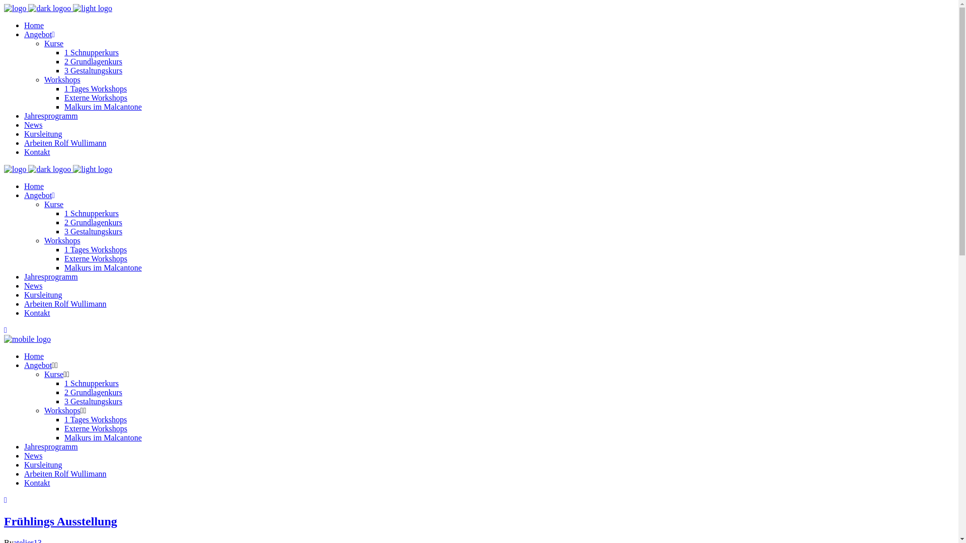 This screenshot has width=966, height=543. Describe the element at coordinates (43, 374) in the screenshot. I see `'Kurse'` at that location.